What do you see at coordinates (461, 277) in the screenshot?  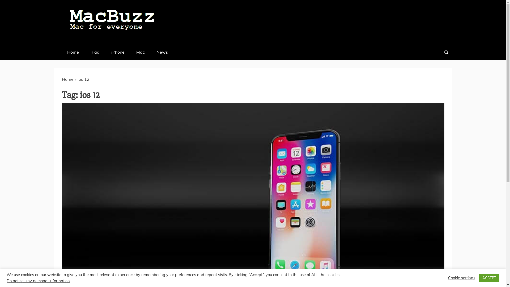 I see `'Cookie settings'` at bounding box center [461, 277].